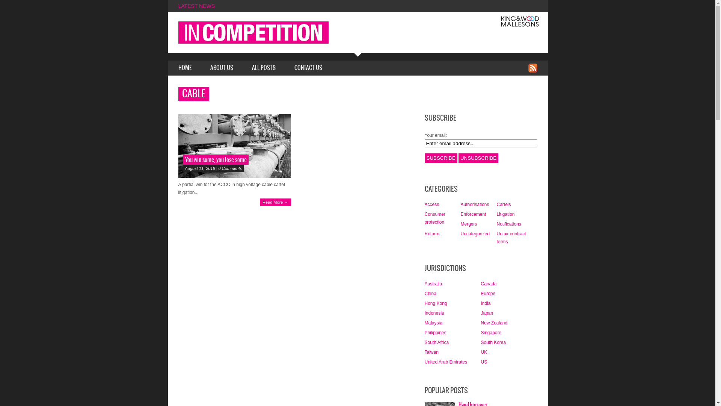  Describe the element at coordinates (493, 342) in the screenshot. I see `'South Korea'` at that location.